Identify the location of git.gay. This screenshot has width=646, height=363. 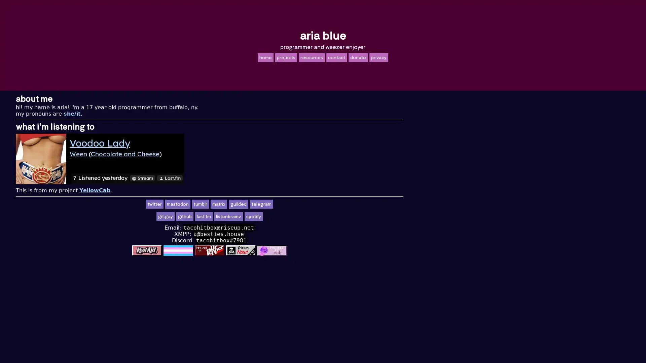
(279, 216).